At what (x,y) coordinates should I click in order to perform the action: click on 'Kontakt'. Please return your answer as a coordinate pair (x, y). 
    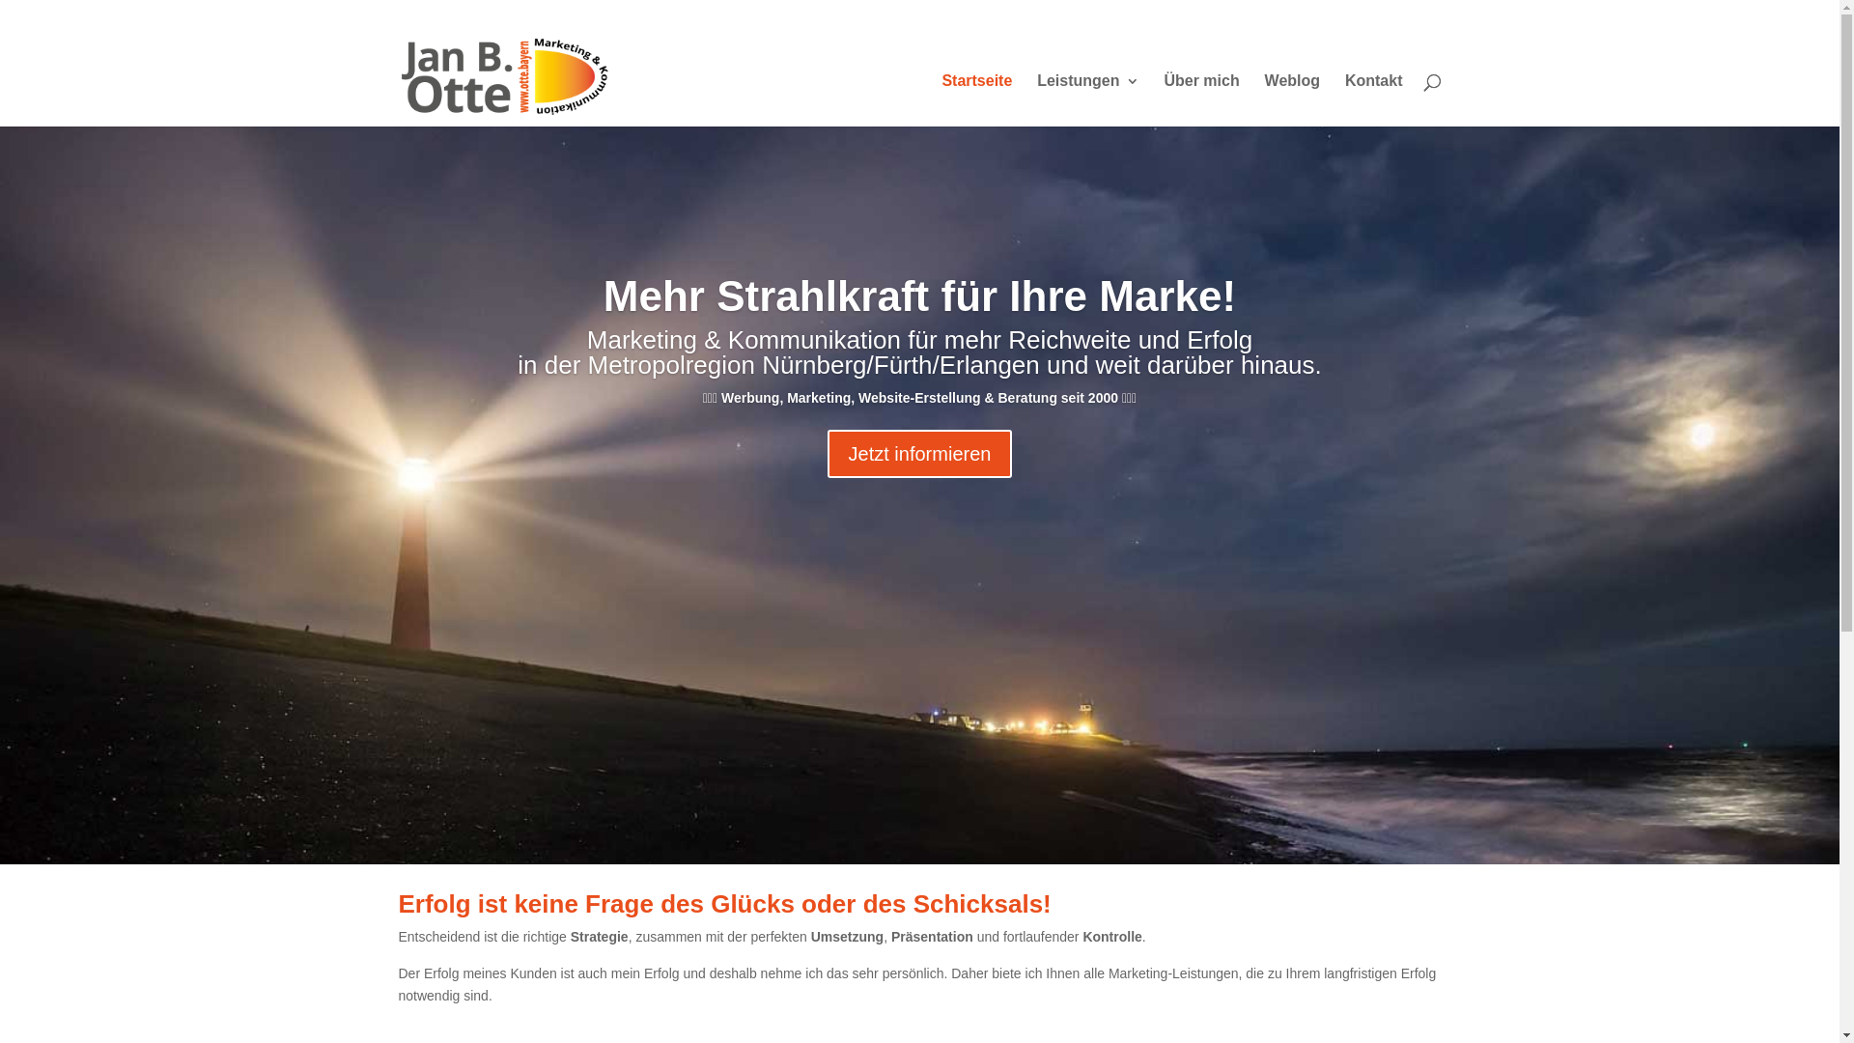
    Looking at the image, I should click on (1343, 100).